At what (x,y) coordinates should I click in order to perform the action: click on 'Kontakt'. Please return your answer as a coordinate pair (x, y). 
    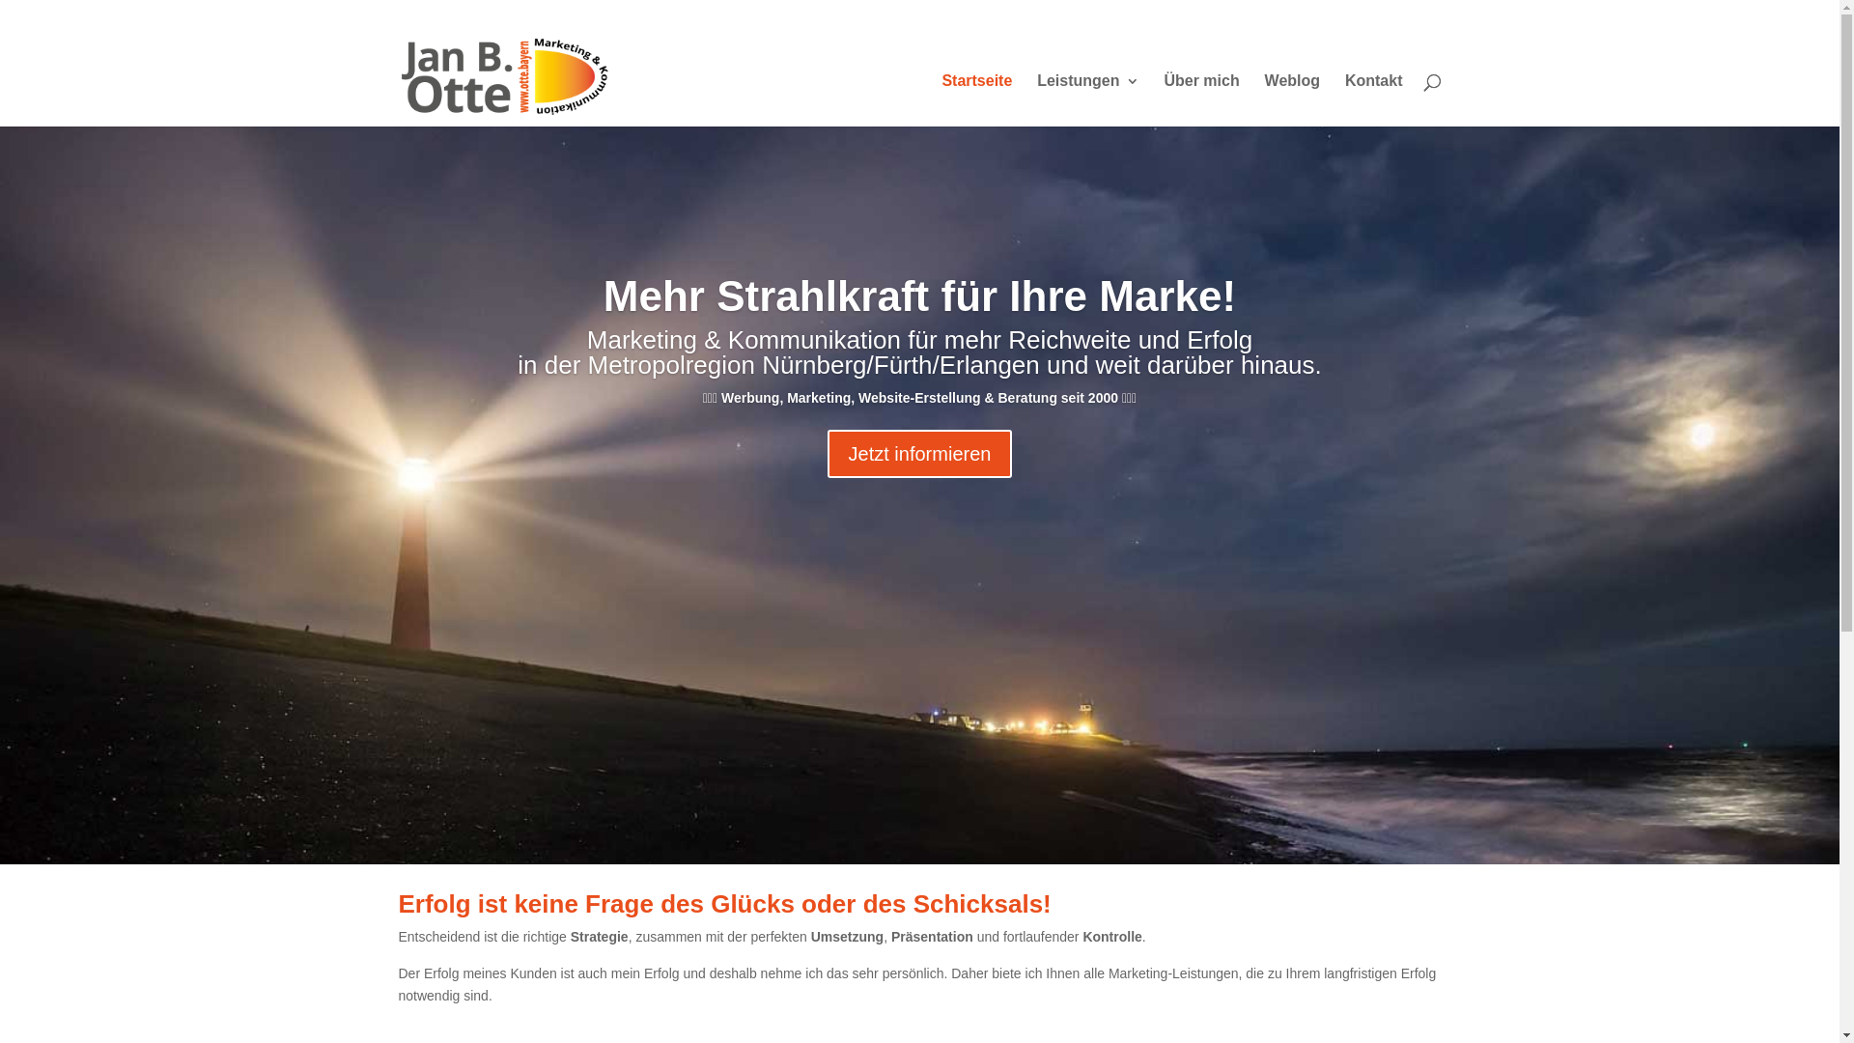
    Looking at the image, I should click on (1343, 100).